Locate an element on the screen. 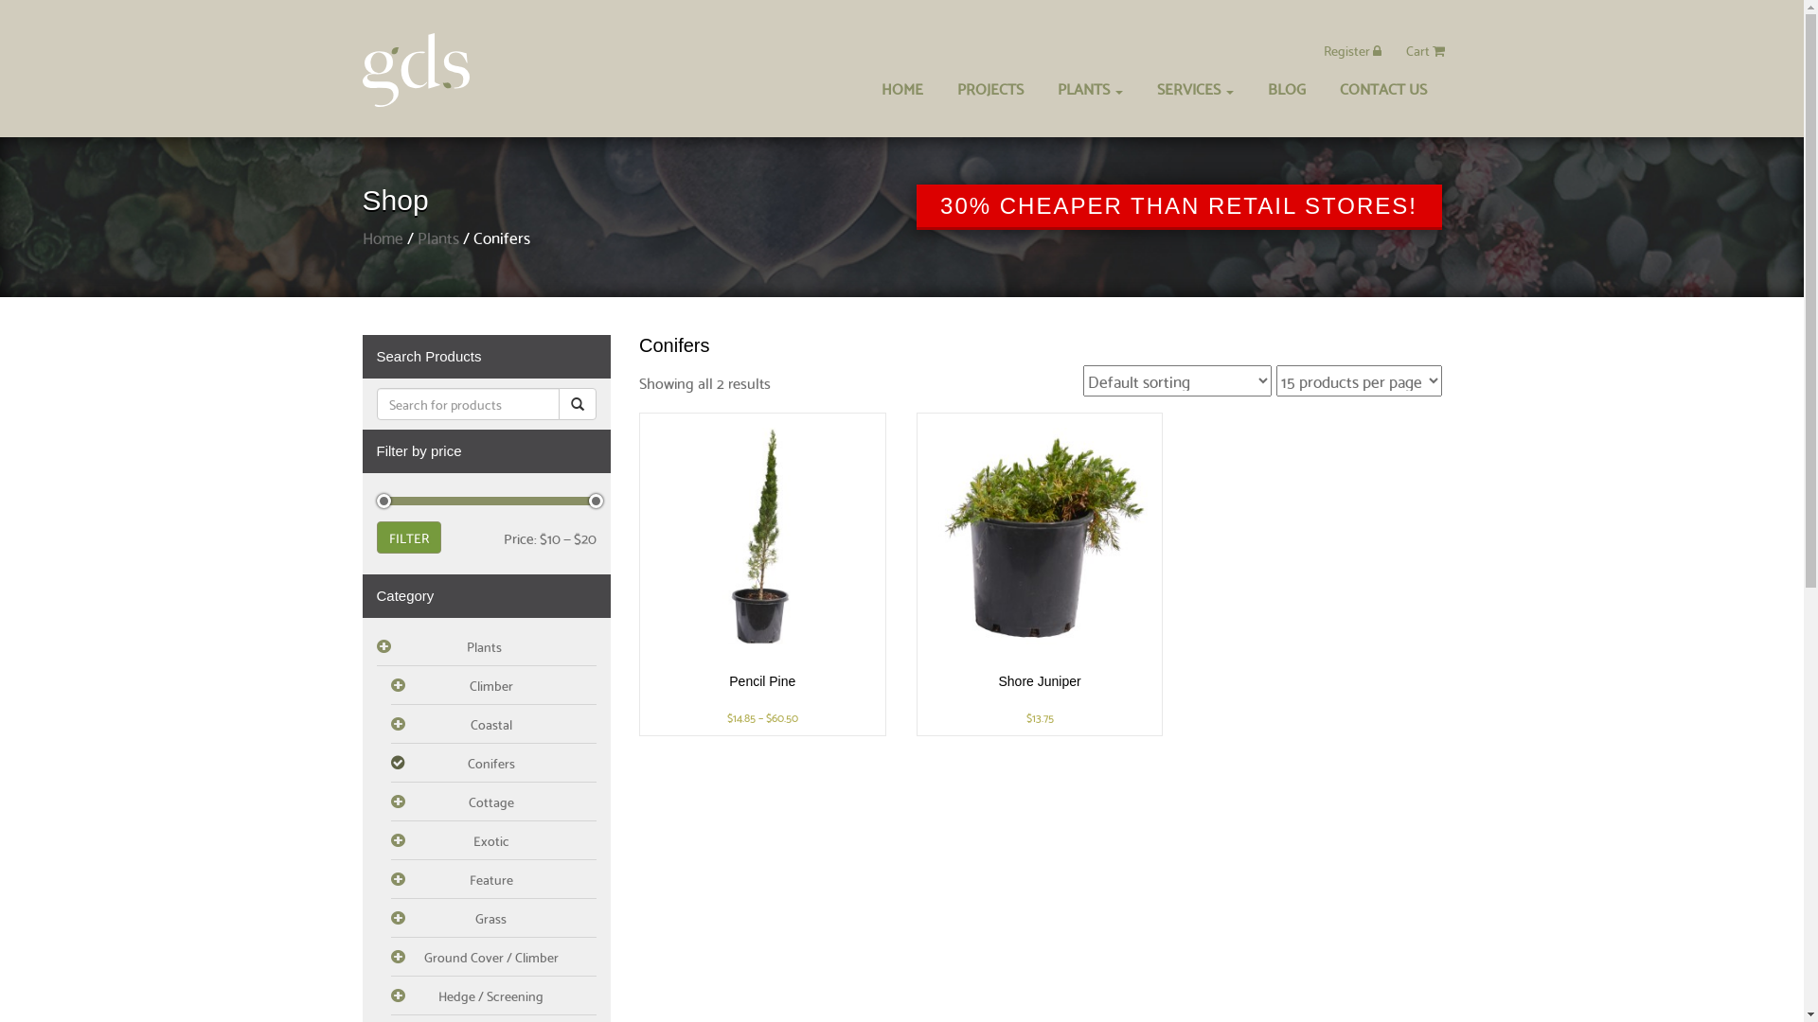  'Cottage' is located at coordinates (493, 802).